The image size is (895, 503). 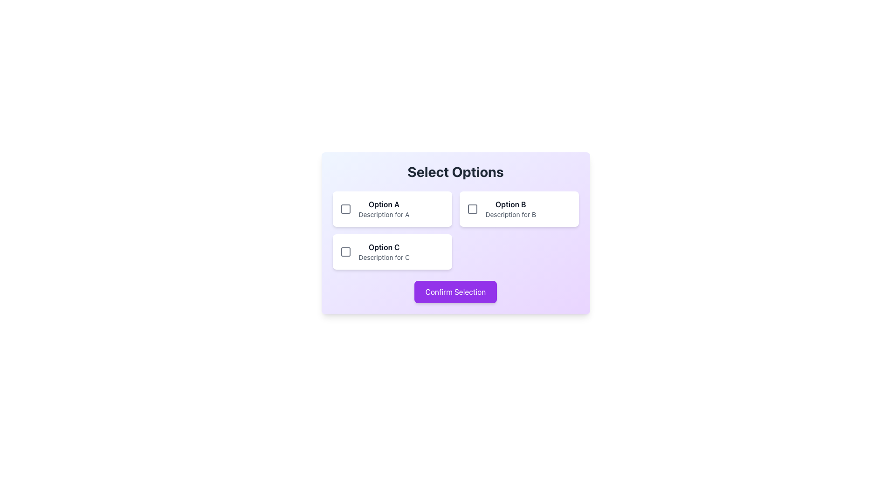 I want to click on the 'Option B' Selectable Option Card, so click(x=518, y=208).